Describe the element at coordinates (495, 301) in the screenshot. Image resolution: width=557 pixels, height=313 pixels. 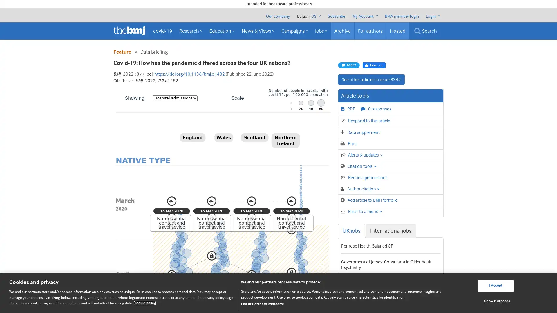
I see `Show Purposes` at that location.